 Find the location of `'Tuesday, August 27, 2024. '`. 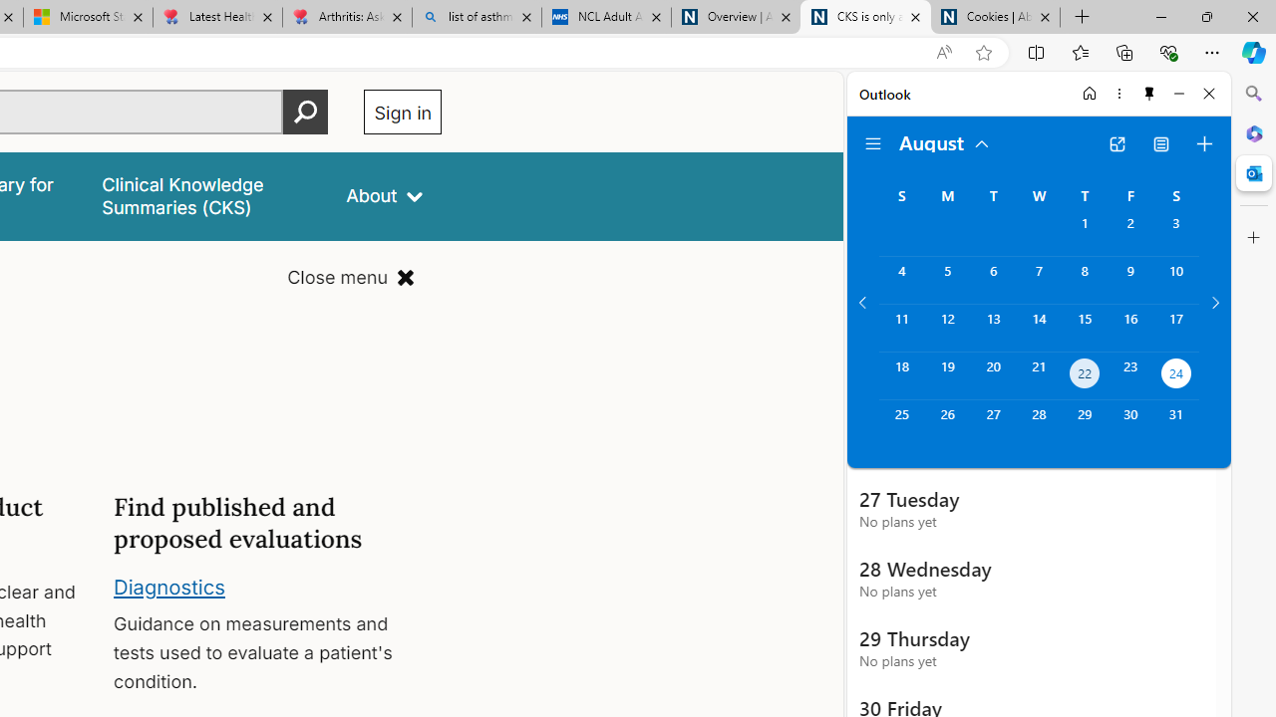

'Tuesday, August 27, 2024. ' is located at coordinates (993, 422).